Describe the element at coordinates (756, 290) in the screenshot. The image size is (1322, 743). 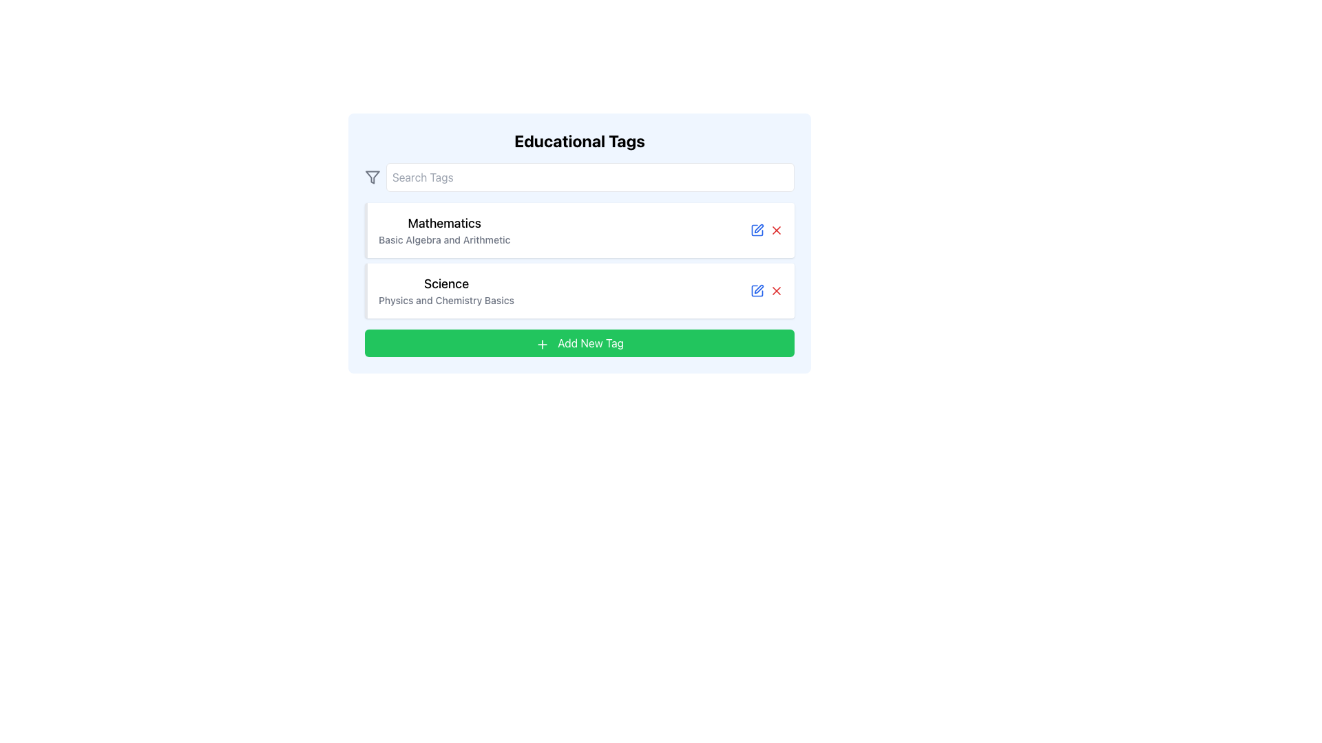
I see `the decorative graphic component, which is a square with rounded corners representing an edit action, located near the right side of the 'Science' tag in the 'Educational Tags' list` at that location.